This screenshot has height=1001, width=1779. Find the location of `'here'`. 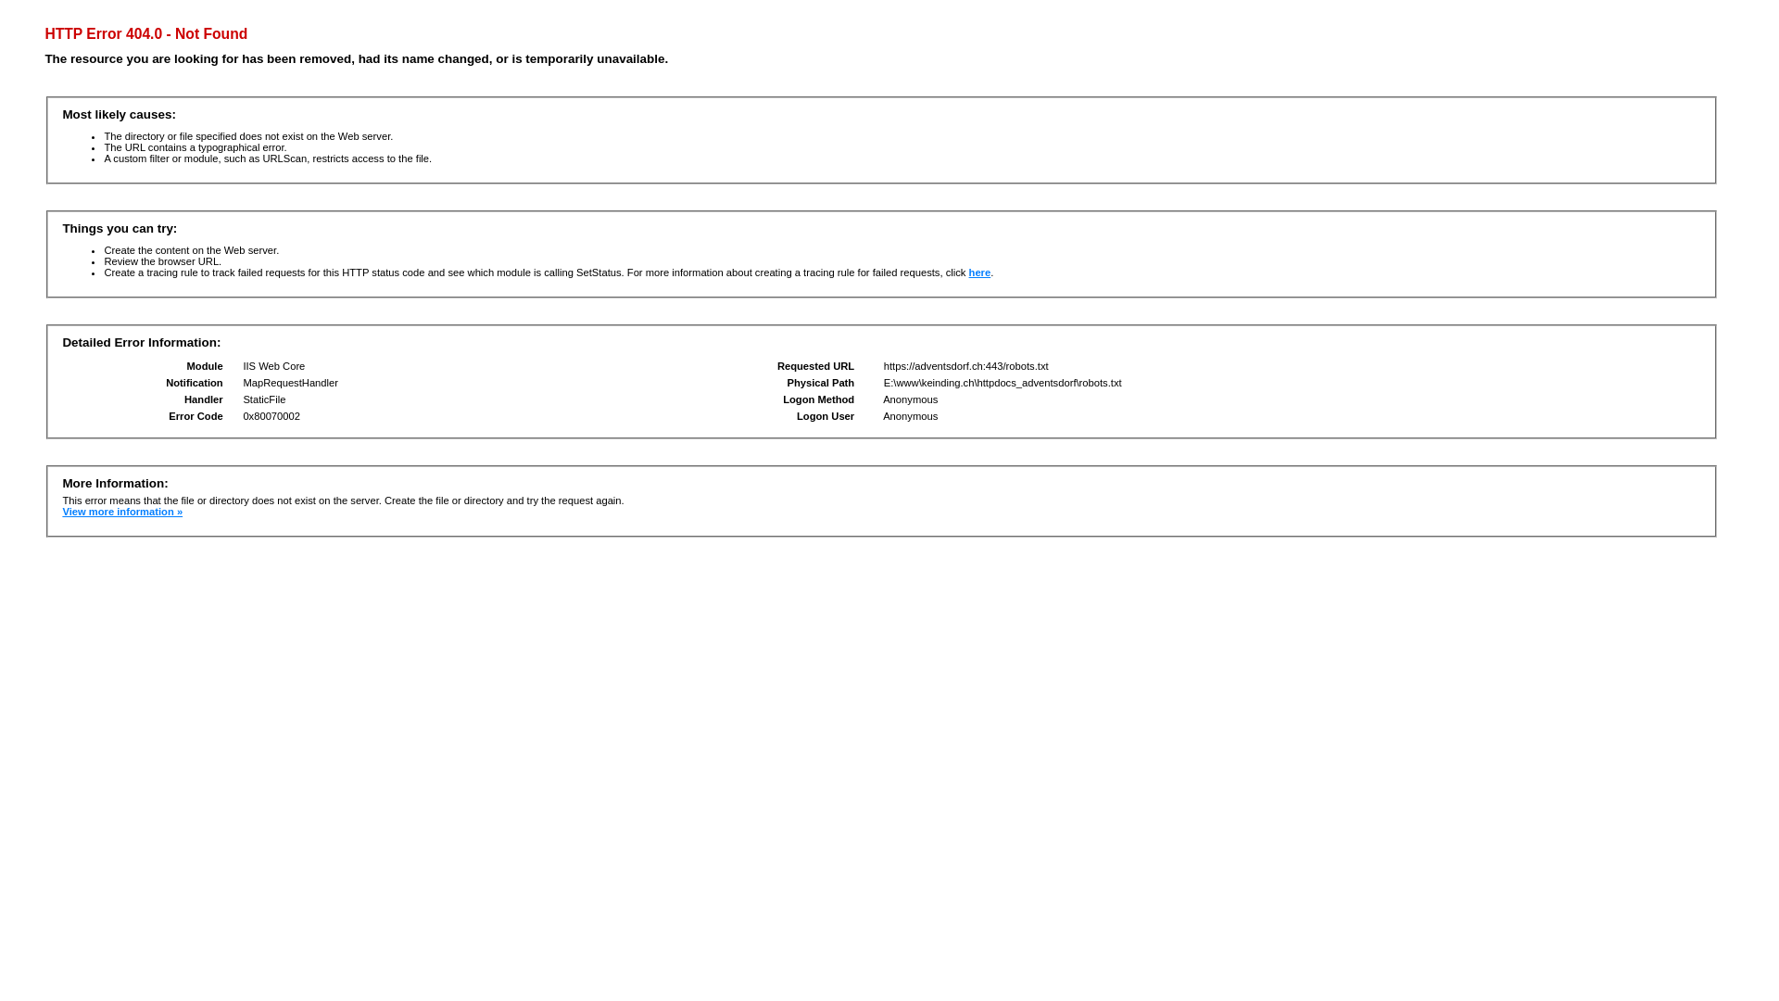

'here' is located at coordinates (978, 272).